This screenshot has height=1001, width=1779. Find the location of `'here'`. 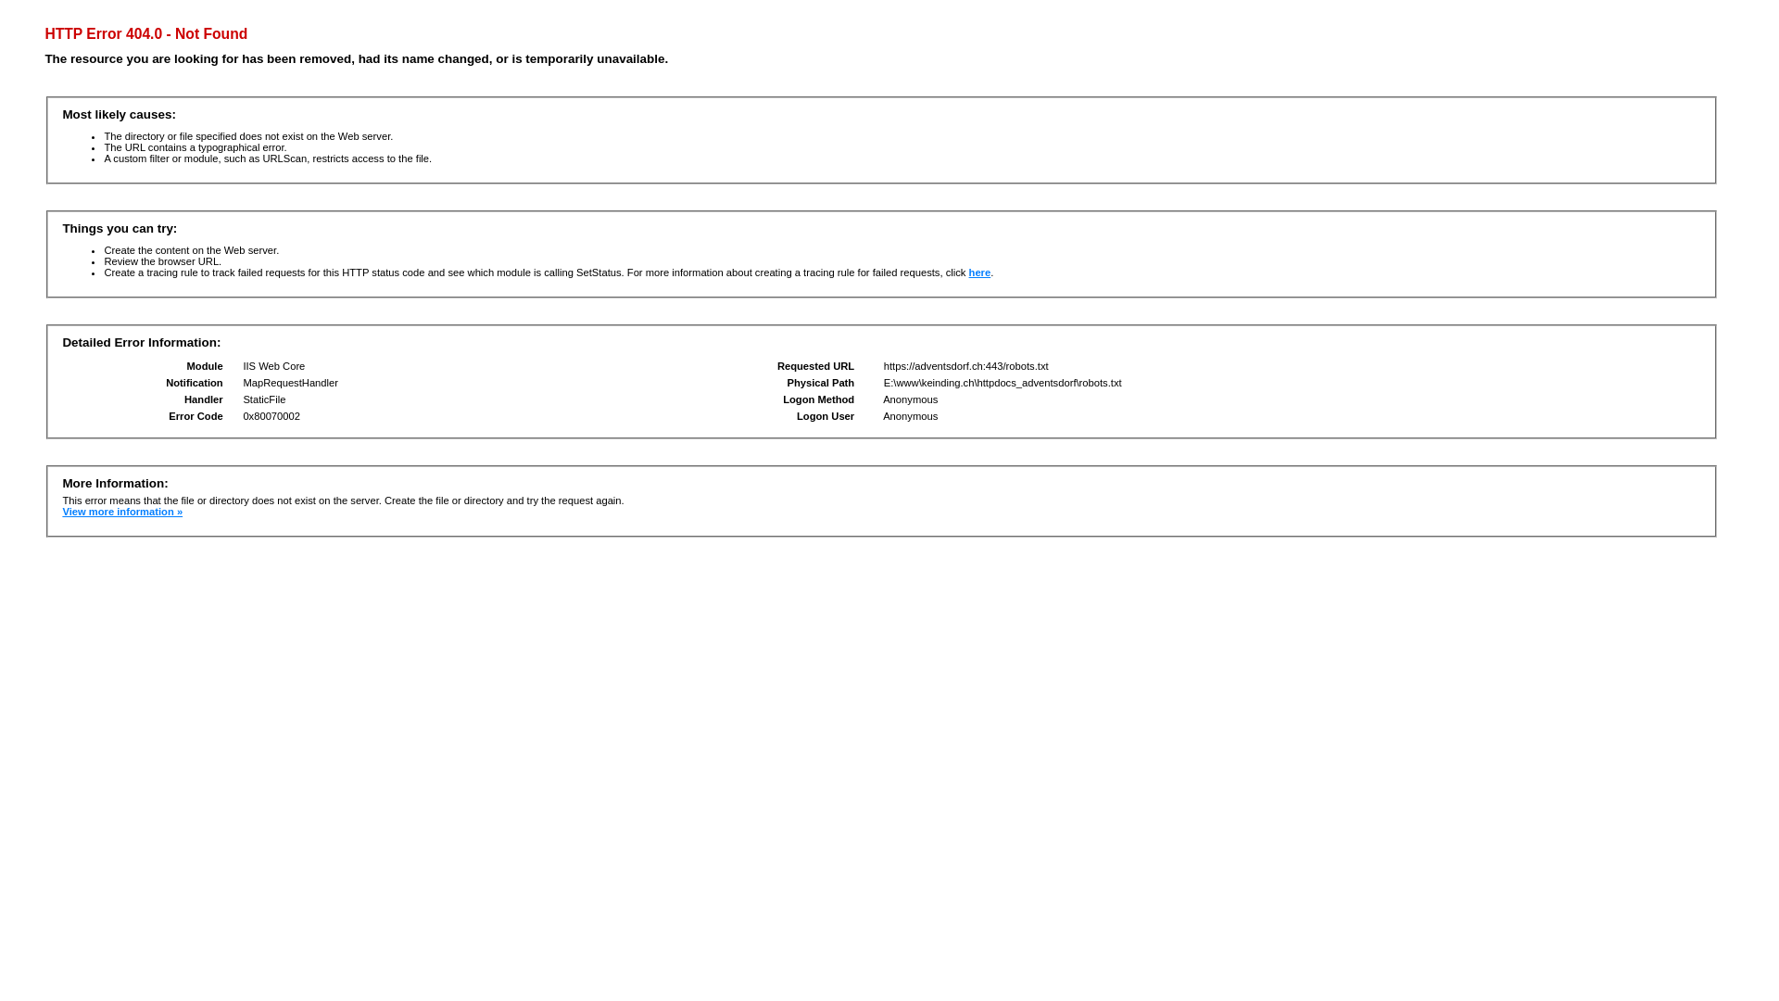

'here' is located at coordinates (978, 272).